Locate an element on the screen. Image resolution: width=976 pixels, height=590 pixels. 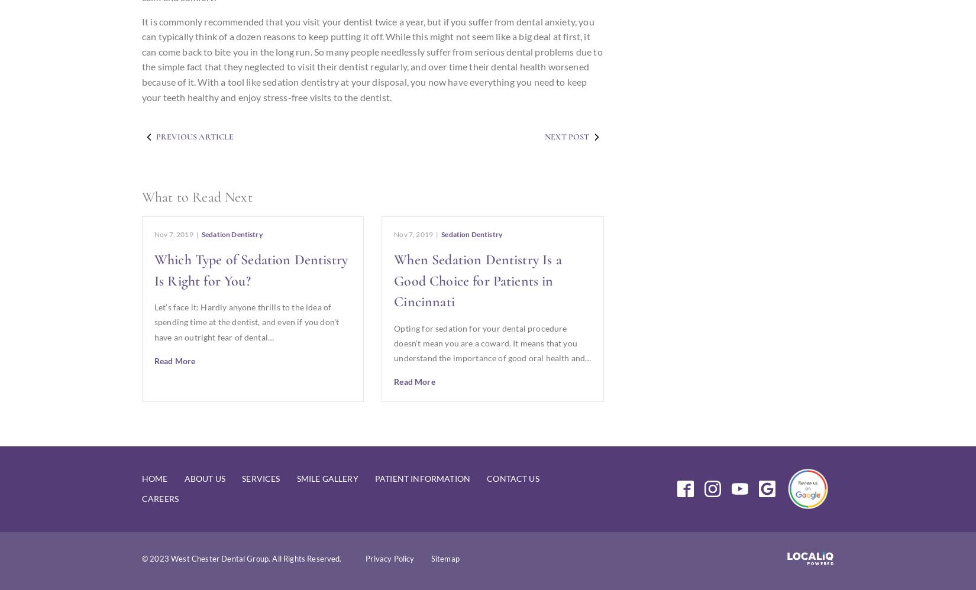
'Previous Article' is located at coordinates (195, 137).